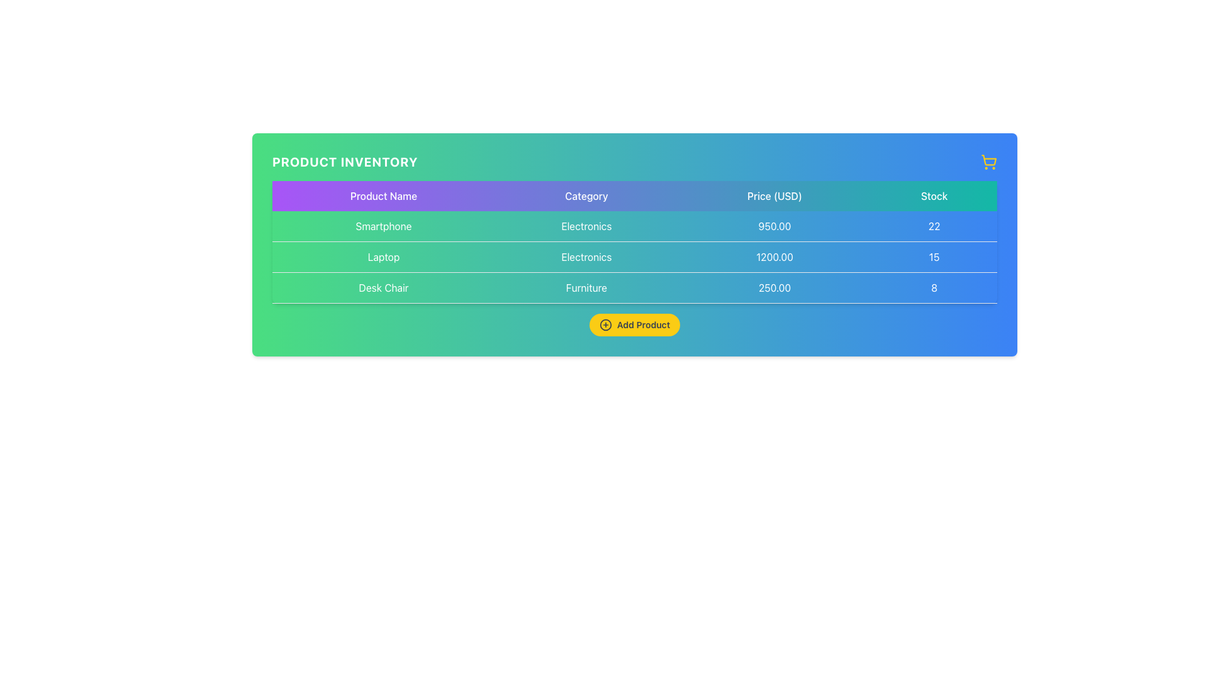 This screenshot has width=1208, height=679. Describe the element at coordinates (586, 288) in the screenshot. I see `the static text label in the second cell of the 'Category' column that indicates the classification of the product 'Desk Chair'` at that location.